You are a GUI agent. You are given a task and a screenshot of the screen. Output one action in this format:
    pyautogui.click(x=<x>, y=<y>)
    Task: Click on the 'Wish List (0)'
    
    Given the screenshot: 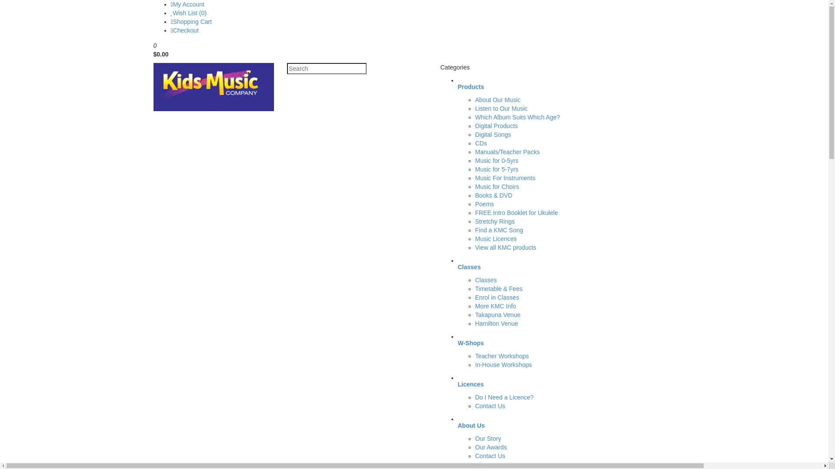 What is the action you would take?
    pyautogui.click(x=189, y=13)
    